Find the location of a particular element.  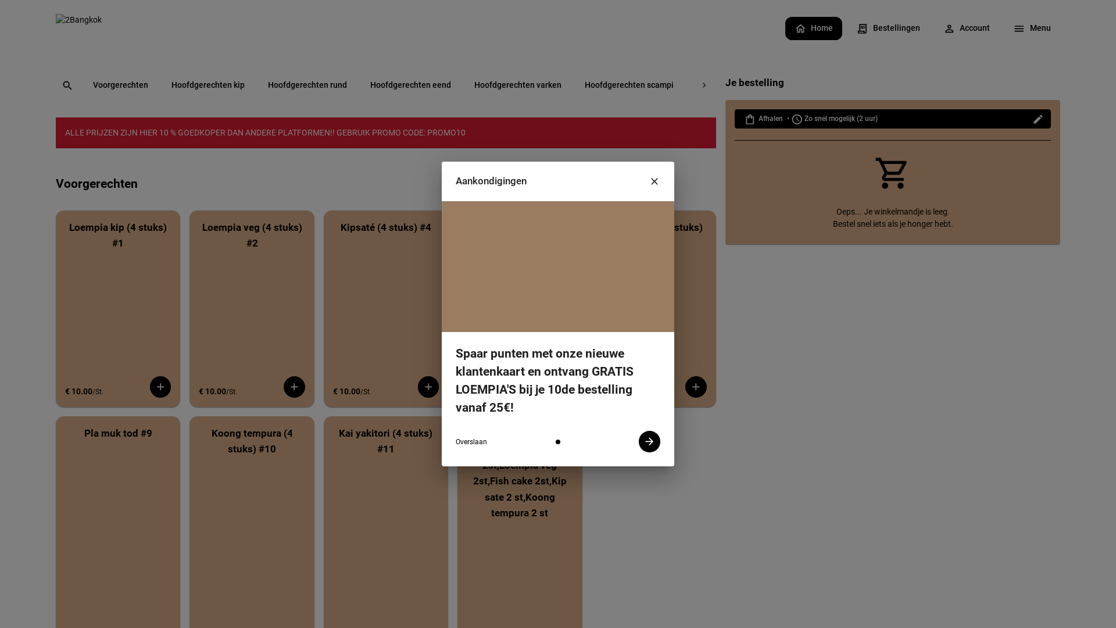

'Overslaan' is located at coordinates (471, 442).